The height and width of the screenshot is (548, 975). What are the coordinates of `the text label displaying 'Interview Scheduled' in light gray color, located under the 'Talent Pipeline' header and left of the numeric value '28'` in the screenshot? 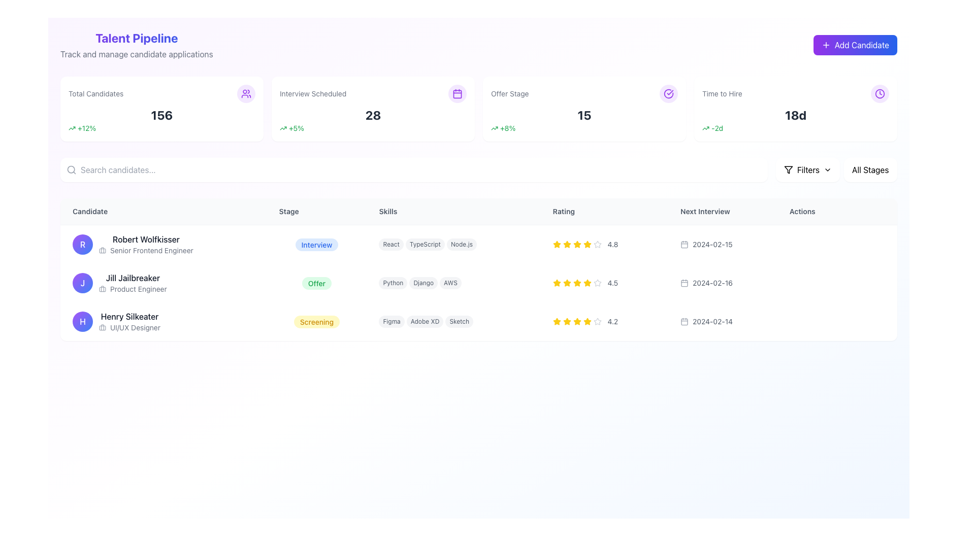 It's located at (312, 94).